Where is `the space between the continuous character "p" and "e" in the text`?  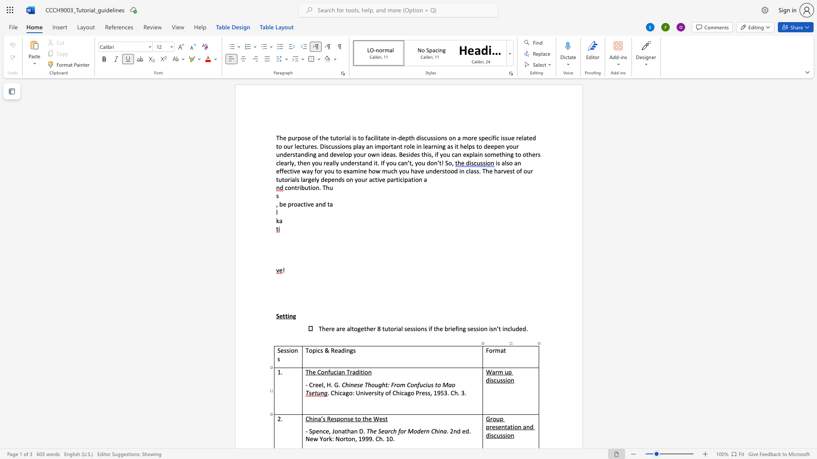 the space between the continuous character "p" and "e" in the text is located at coordinates (315, 431).